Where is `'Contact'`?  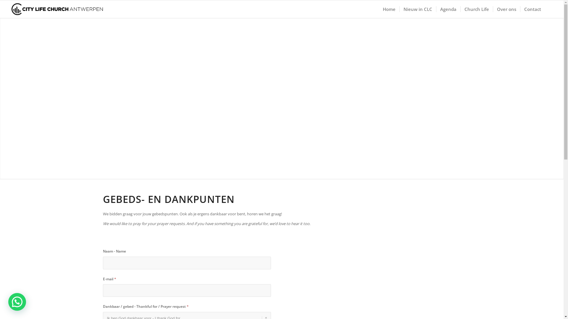 'Contact' is located at coordinates (532, 9).